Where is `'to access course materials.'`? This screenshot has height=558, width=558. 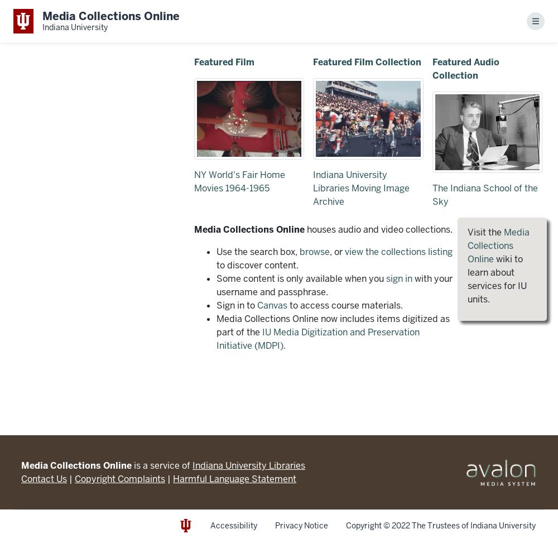 'to access course materials.' is located at coordinates (344, 305).